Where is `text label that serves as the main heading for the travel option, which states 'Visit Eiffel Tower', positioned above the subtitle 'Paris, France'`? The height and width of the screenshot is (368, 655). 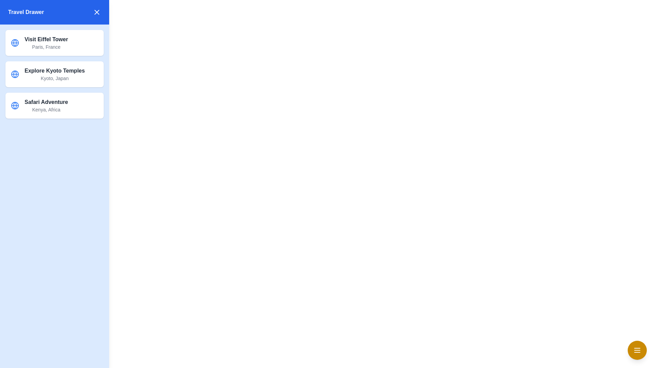 text label that serves as the main heading for the travel option, which states 'Visit Eiffel Tower', positioned above the subtitle 'Paris, France' is located at coordinates (46, 39).